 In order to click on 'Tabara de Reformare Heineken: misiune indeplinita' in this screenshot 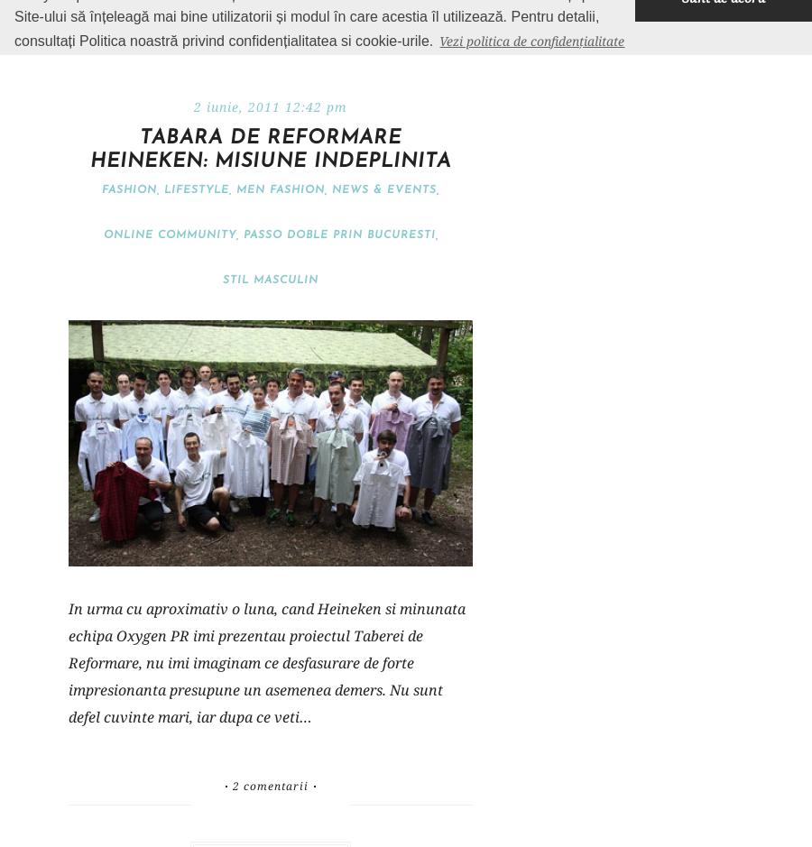, I will do `click(269, 150)`.